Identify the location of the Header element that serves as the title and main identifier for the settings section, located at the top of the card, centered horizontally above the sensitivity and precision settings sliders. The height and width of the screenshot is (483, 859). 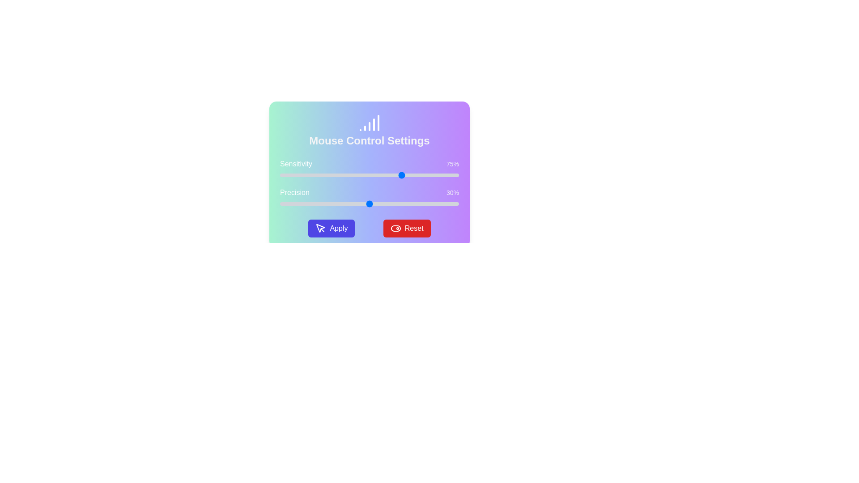
(369, 130).